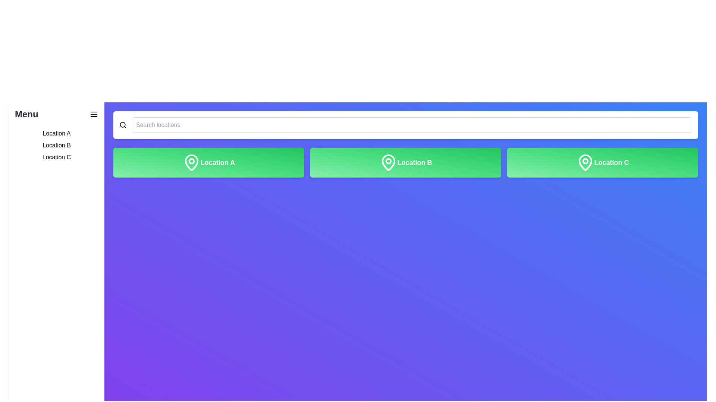  Describe the element at coordinates (585, 162) in the screenshot. I see `the map pin icon element located within the 'Location C' button, which is styled with a green gradient background and features a clean, modern design` at that location.